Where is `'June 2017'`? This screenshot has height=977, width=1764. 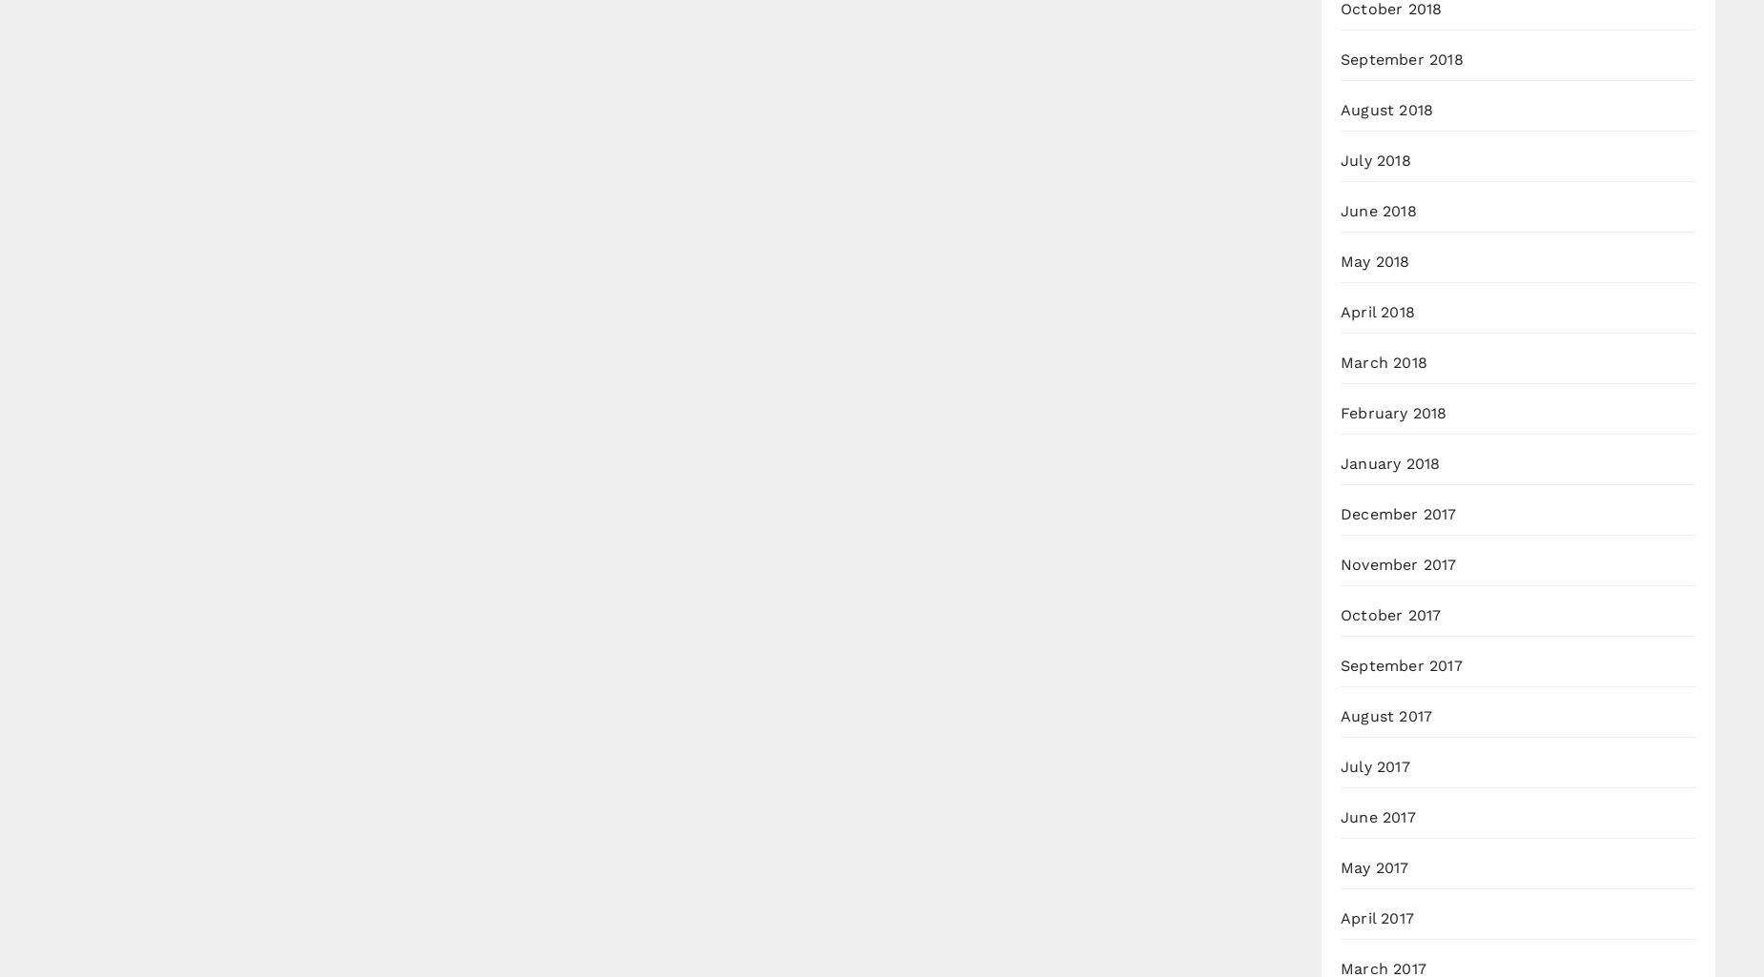
'June 2017' is located at coordinates (1378, 817).